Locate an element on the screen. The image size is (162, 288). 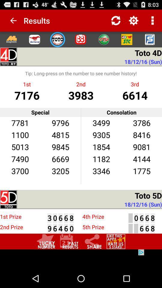
share the results is located at coordinates (92, 241).